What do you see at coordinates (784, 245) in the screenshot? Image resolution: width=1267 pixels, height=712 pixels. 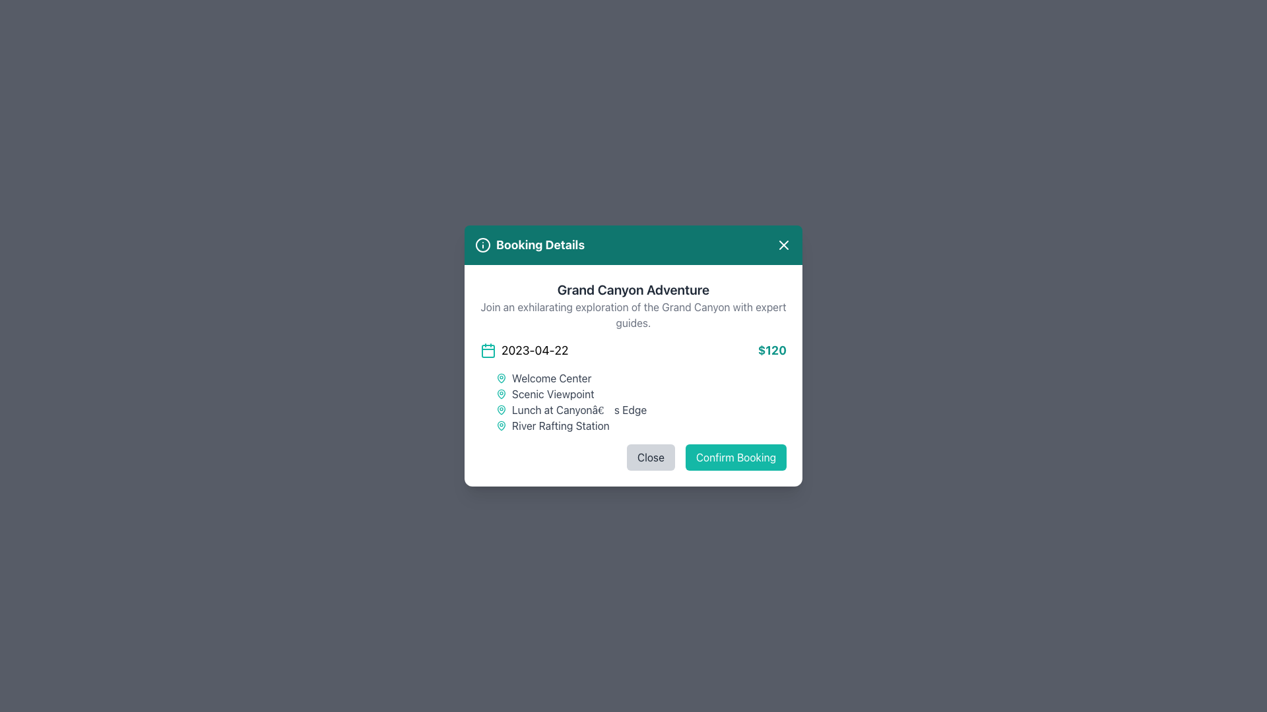 I see `the close icon in the top-right corner of the 'Booking Details' dialog box` at bounding box center [784, 245].